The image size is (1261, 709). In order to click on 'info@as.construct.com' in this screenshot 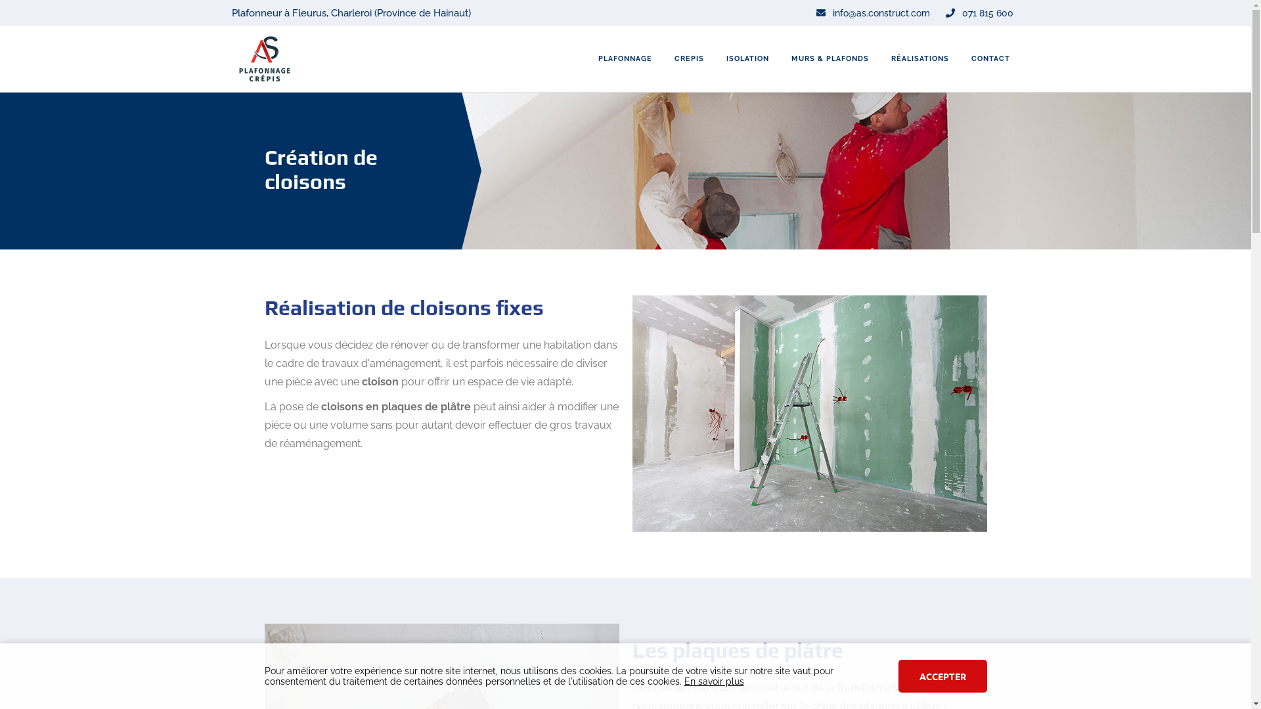, I will do `click(872, 12)`.